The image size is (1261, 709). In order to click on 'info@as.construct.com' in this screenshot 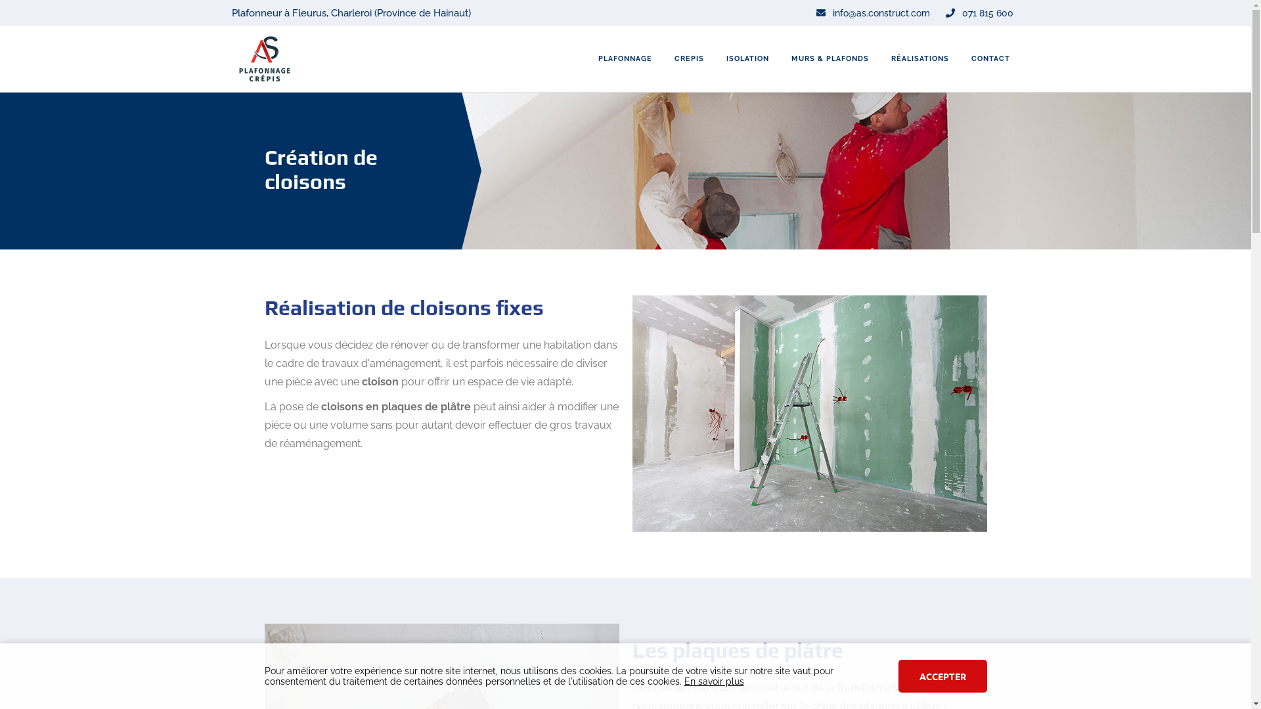, I will do `click(872, 12)`.